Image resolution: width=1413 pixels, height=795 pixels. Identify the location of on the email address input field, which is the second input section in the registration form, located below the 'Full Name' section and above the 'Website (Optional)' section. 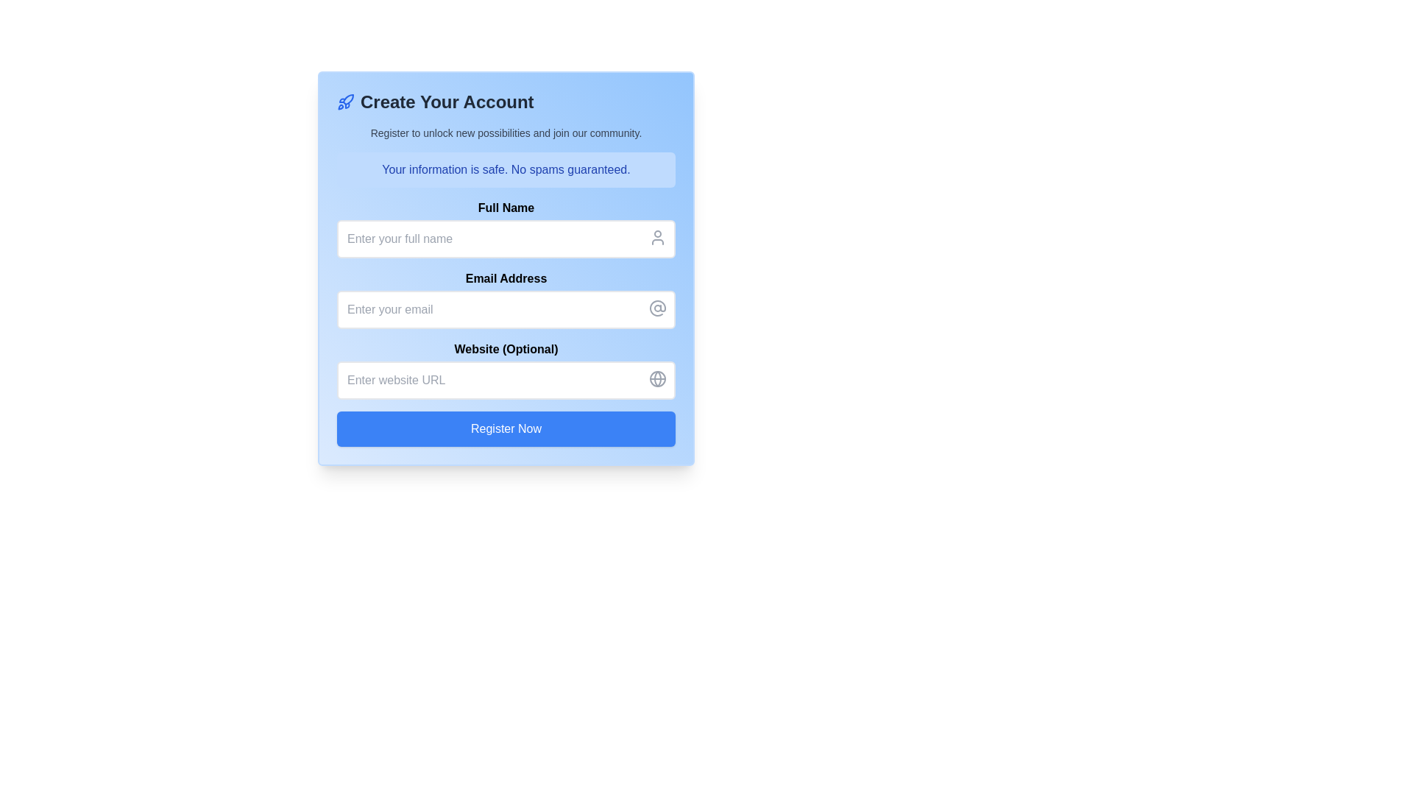
(506, 299).